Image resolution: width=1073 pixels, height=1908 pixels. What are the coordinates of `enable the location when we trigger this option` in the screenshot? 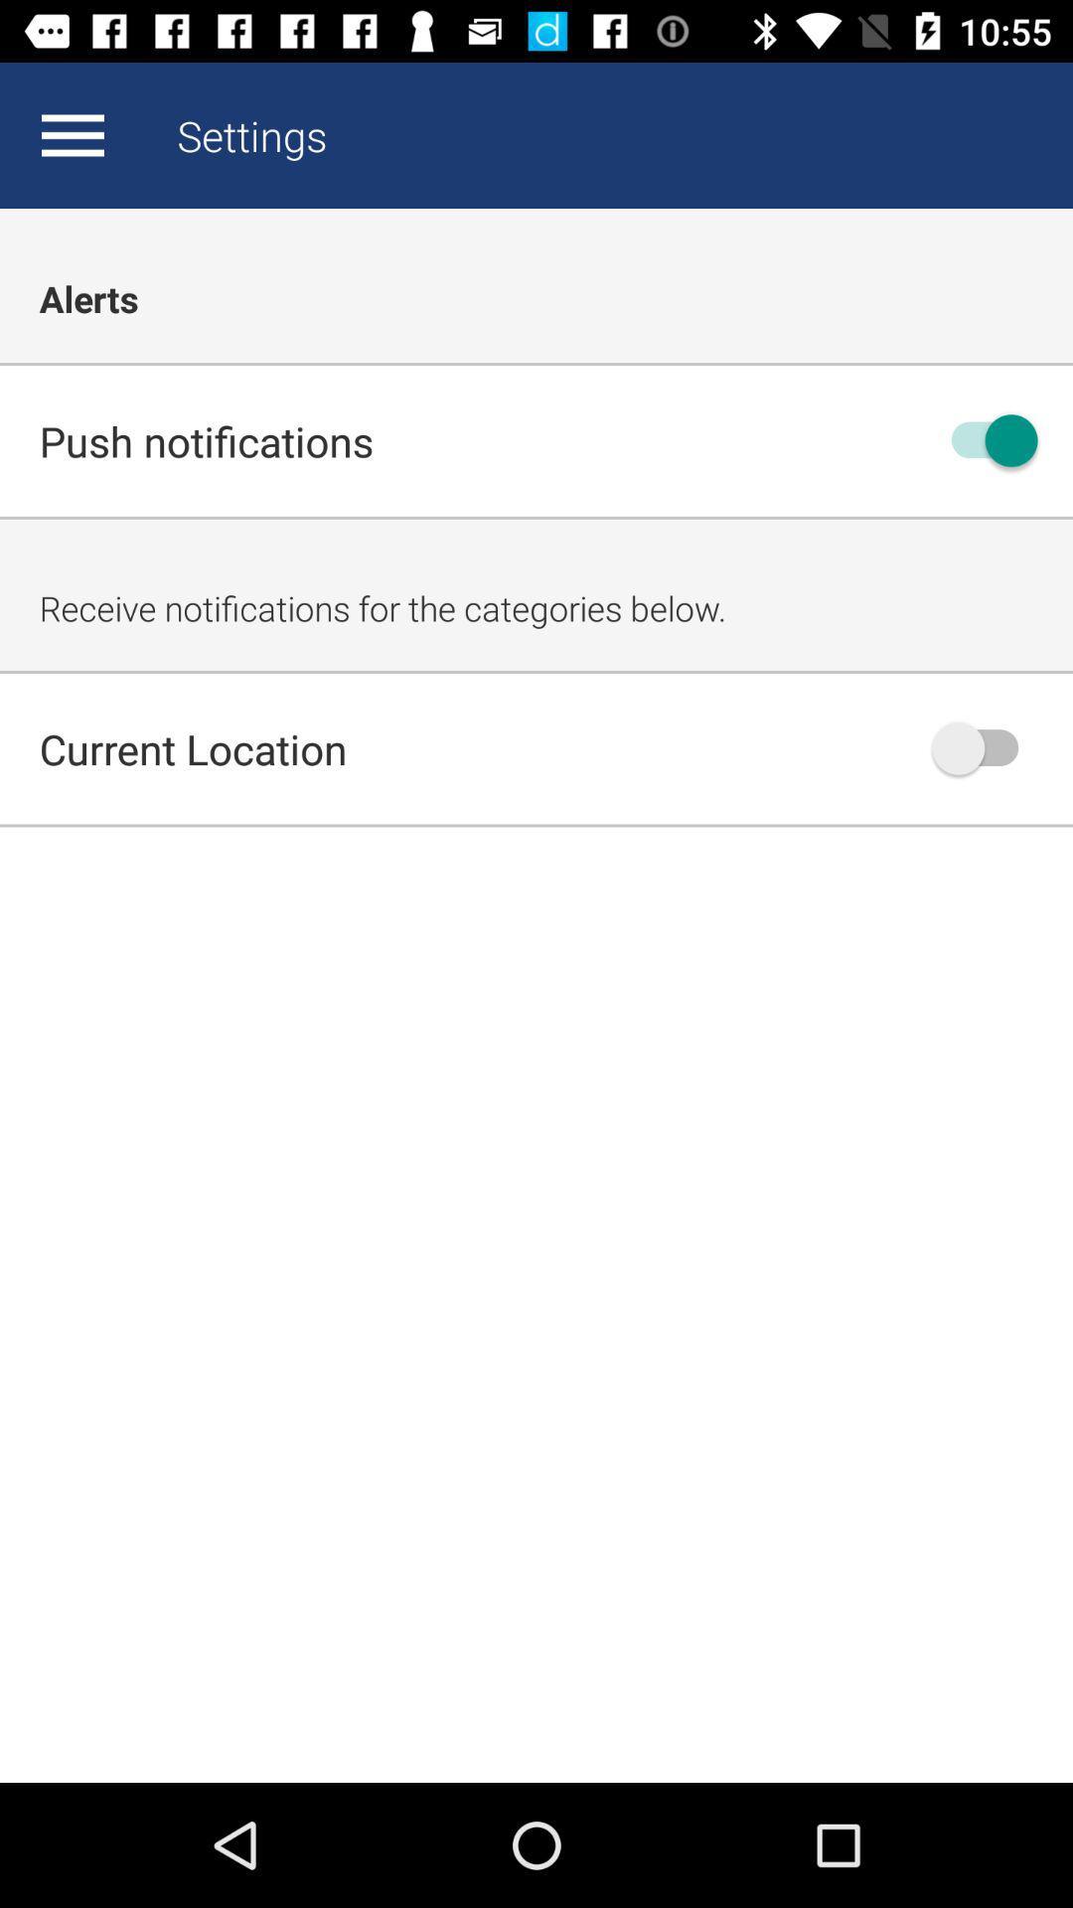 It's located at (985, 747).